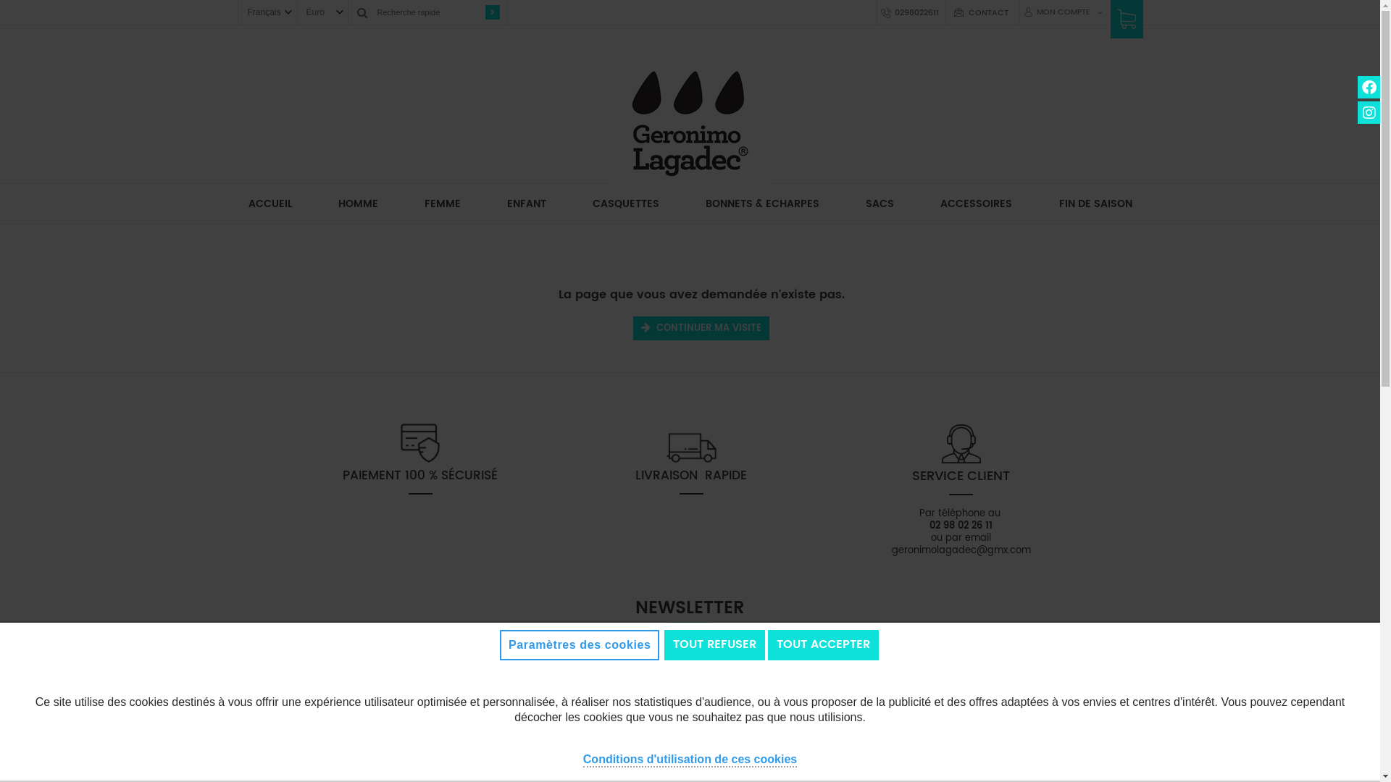 The image size is (1391, 782). I want to click on 'instagram', so click(1368, 112).